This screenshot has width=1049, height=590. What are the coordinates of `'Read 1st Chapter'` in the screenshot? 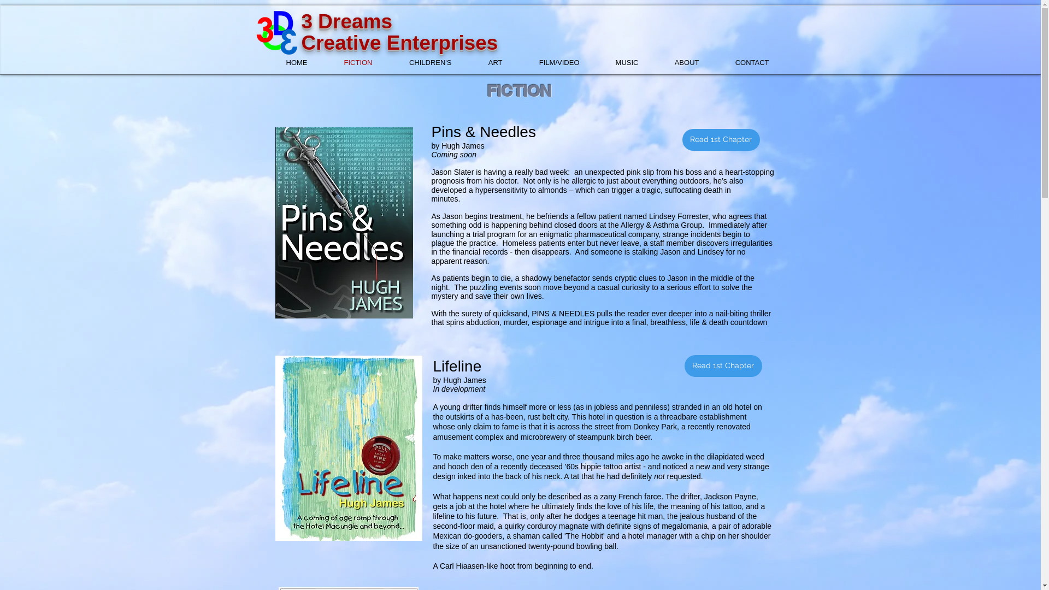 It's located at (721, 139).